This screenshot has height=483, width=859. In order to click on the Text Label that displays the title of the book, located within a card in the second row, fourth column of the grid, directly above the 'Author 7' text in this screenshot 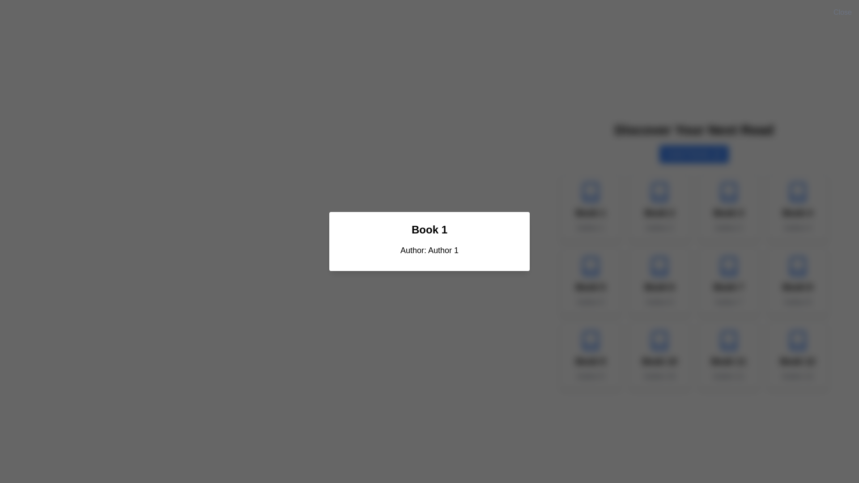, I will do `click(728, 287)`.